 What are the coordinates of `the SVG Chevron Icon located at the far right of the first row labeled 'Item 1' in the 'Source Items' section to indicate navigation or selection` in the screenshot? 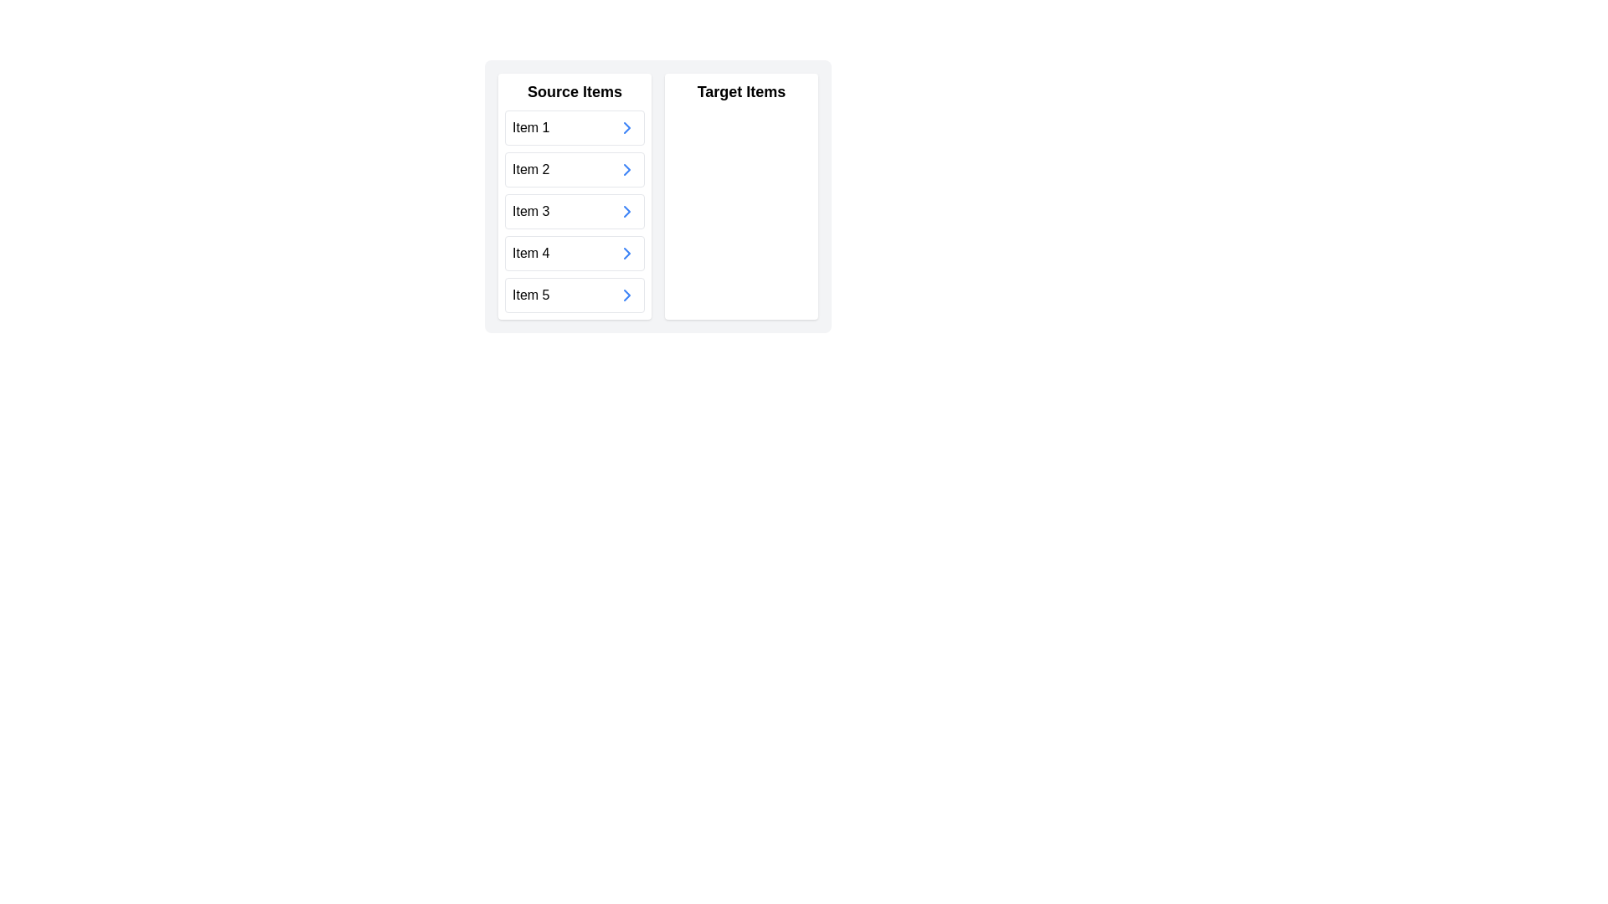 It's located at (626, 127).